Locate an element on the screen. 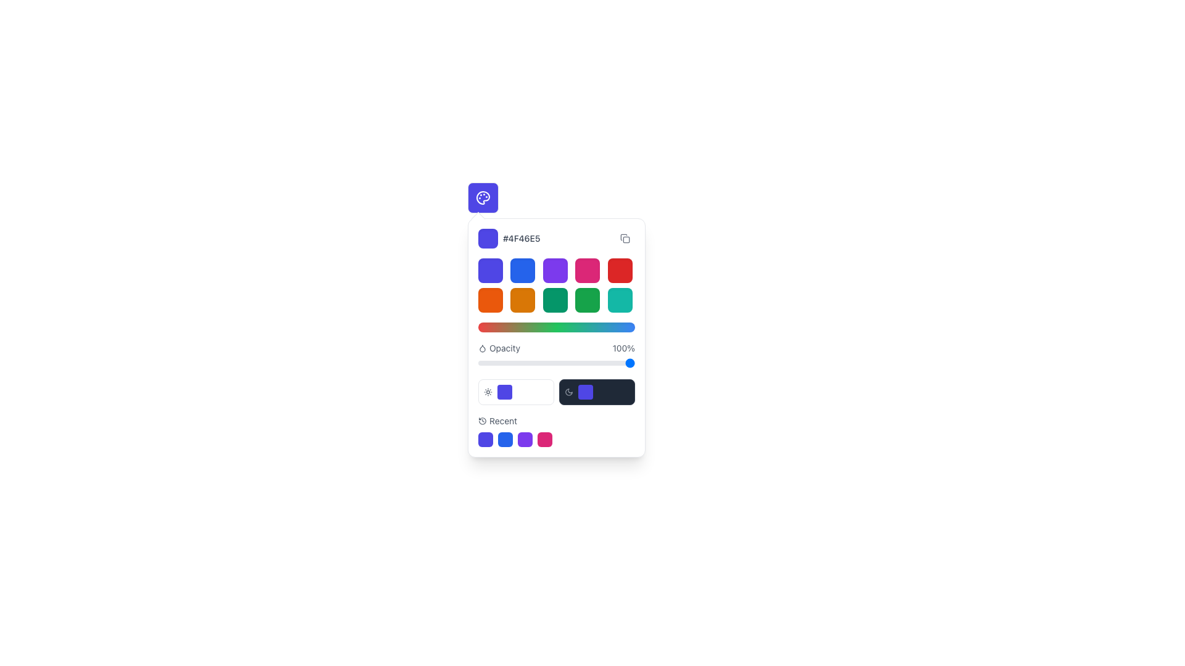  the teal square button with rounded corners located in the second row and fifth column of the grid layout is located at coordinates (620, 300).